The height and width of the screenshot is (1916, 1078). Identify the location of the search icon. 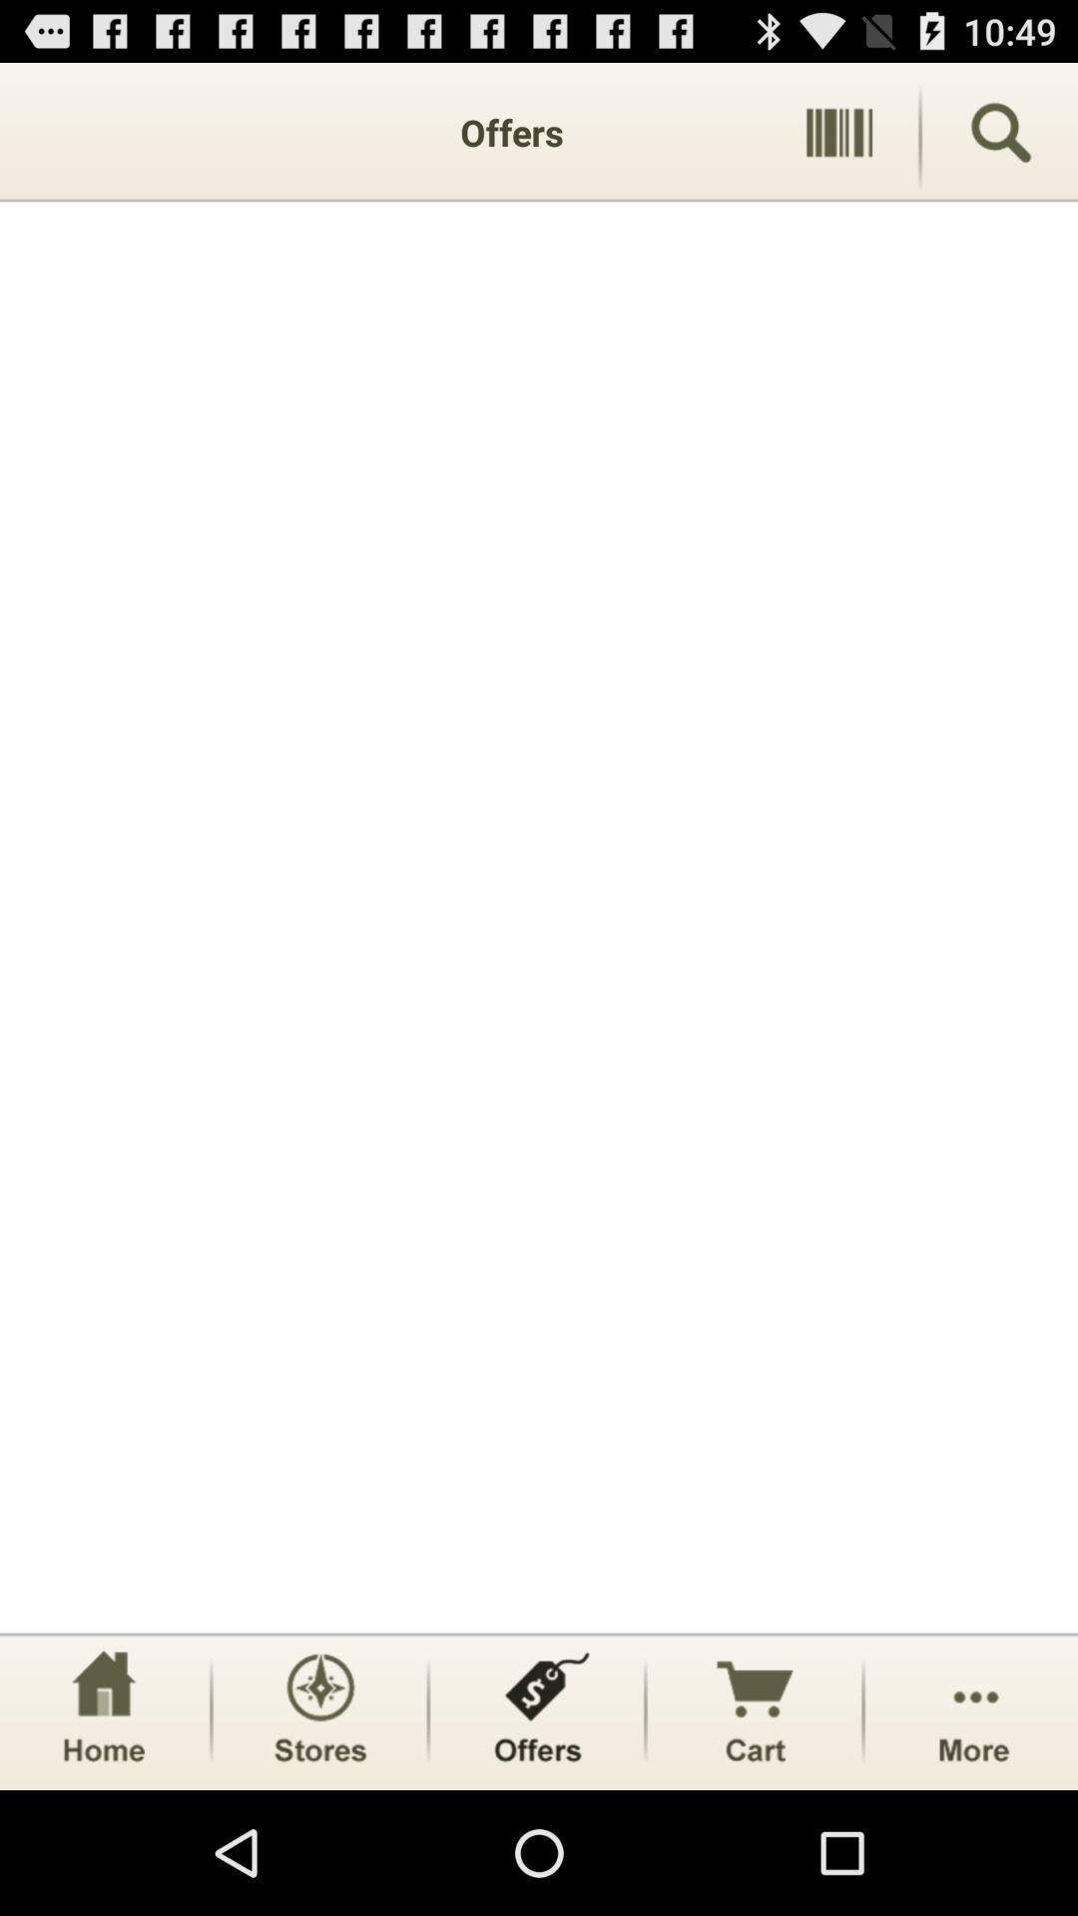
(1000, 141).